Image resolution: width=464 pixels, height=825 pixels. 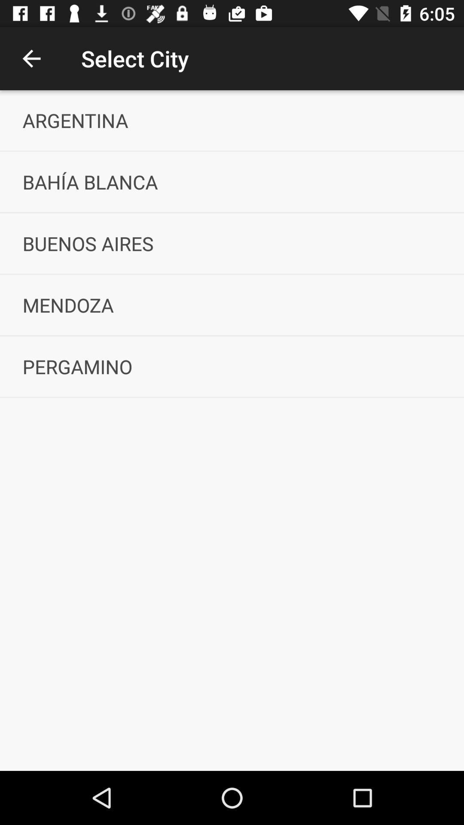 What do you see at coordinates (31, 58) in the screenshot?
I see `the icon to the left of the select city` at bounding box center [31, 58].